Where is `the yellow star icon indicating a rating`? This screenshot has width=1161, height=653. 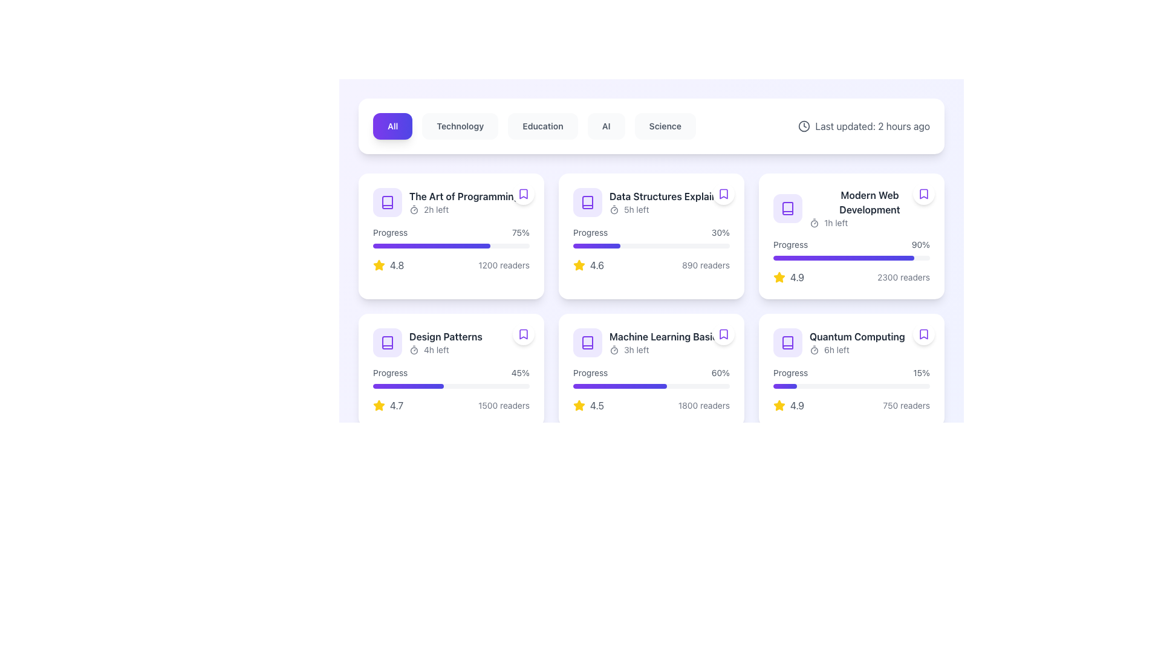
the yellow star icon indicating a rating is located at coordinates (379, 265).